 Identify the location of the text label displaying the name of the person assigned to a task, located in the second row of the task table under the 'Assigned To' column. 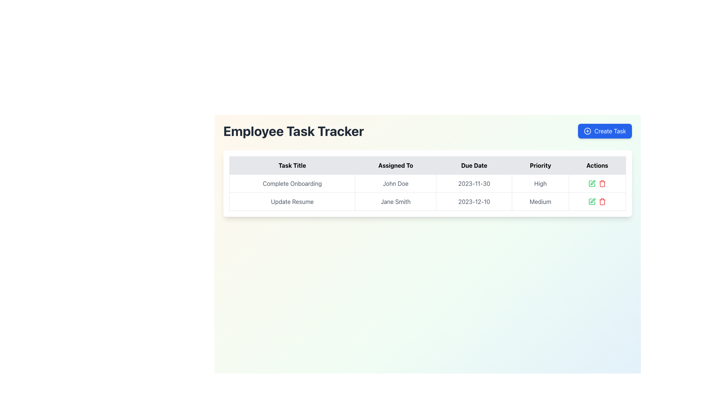
(395, 202).